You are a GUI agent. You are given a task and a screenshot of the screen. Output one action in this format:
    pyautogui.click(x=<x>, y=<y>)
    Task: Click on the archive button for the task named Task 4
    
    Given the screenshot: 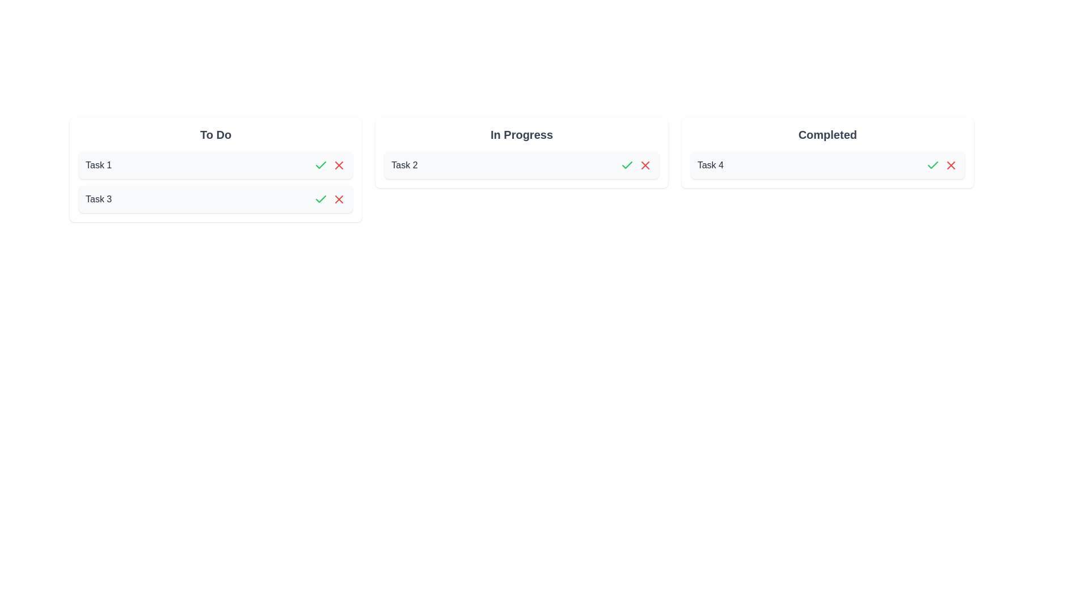 What is the action you would take?
    pyautogui.click(x=951, y=165)
    